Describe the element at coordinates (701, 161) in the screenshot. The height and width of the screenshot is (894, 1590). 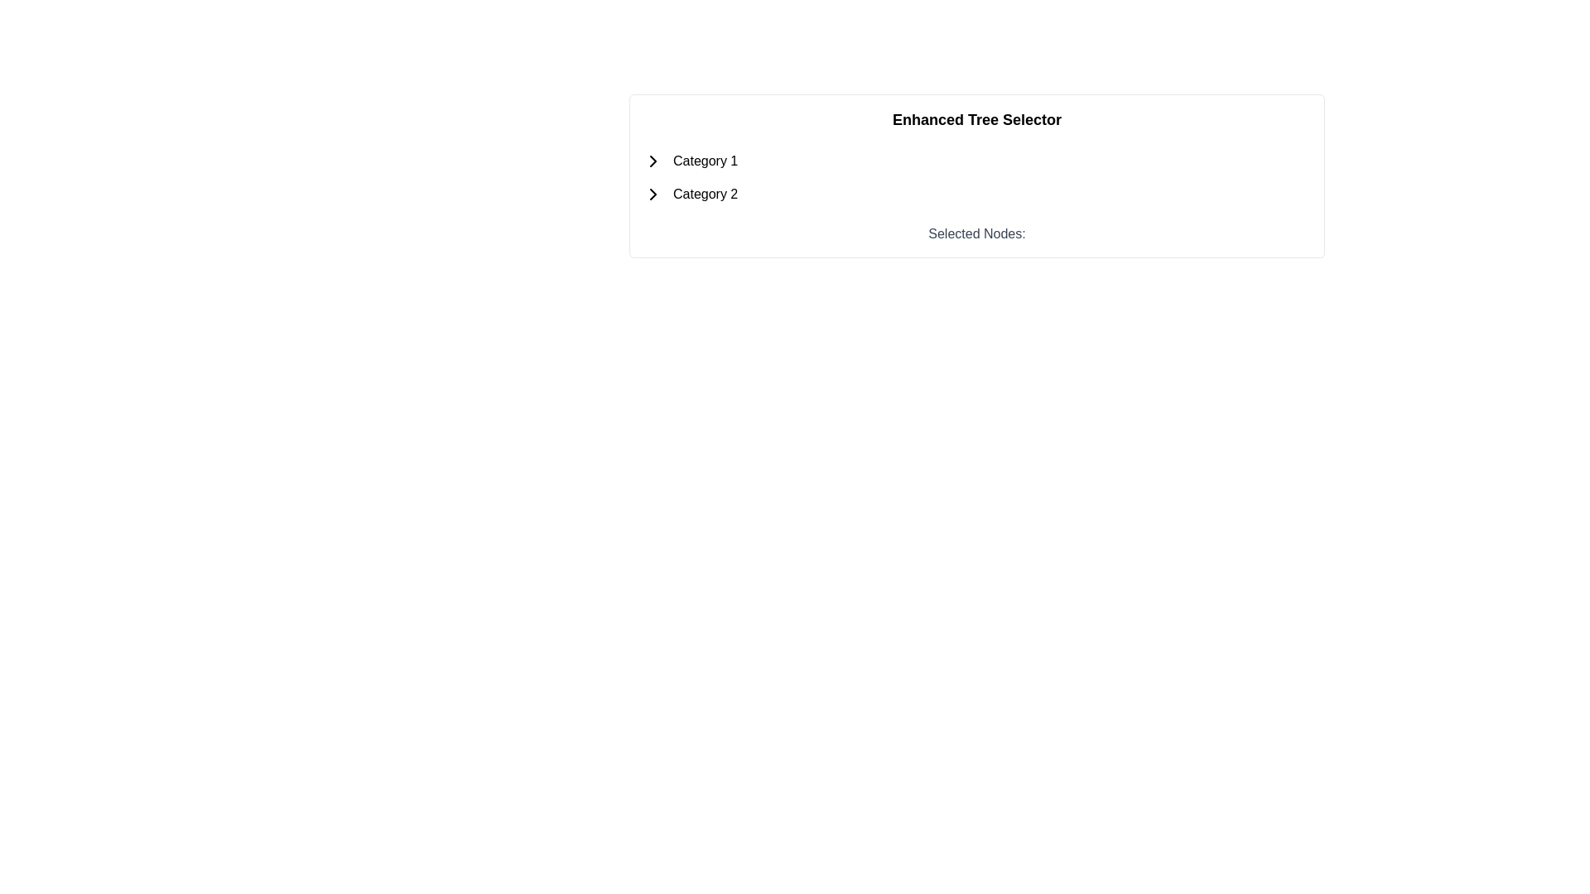
I see `the 'Category 1' text label located in the first category group of the tree structure` at that location.